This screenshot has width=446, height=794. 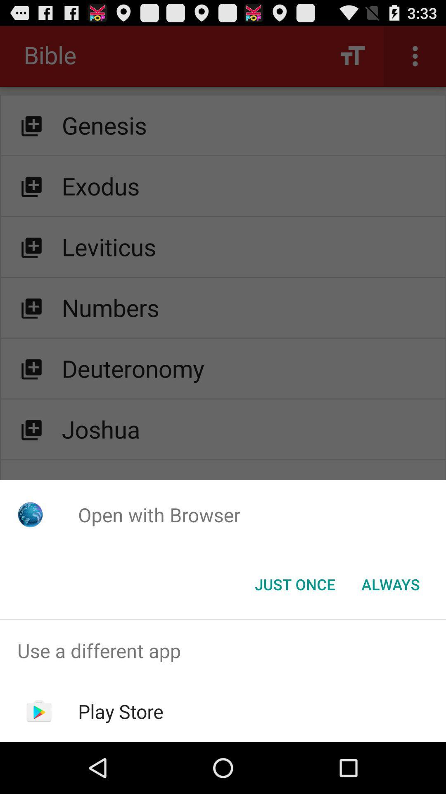 What do you see at coordinates (294, 584) in the screenshot?
I see `the just once` at bounding box center [294, 584].